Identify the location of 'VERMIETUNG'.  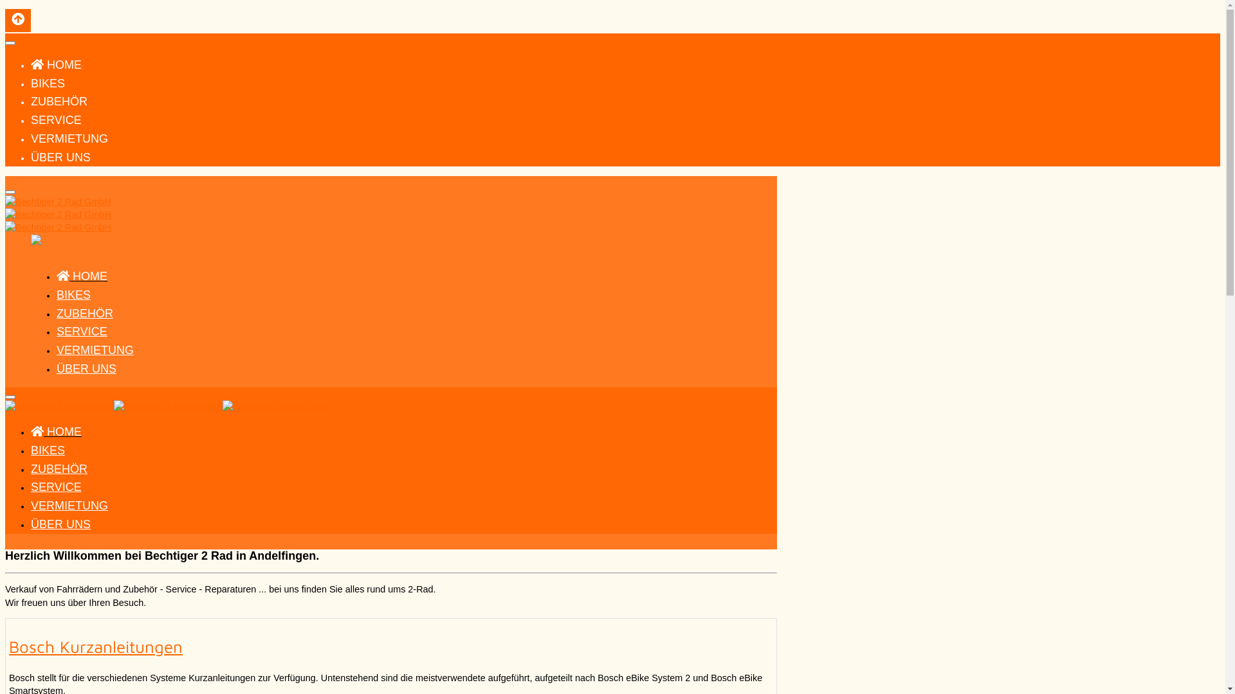
(95, 350).